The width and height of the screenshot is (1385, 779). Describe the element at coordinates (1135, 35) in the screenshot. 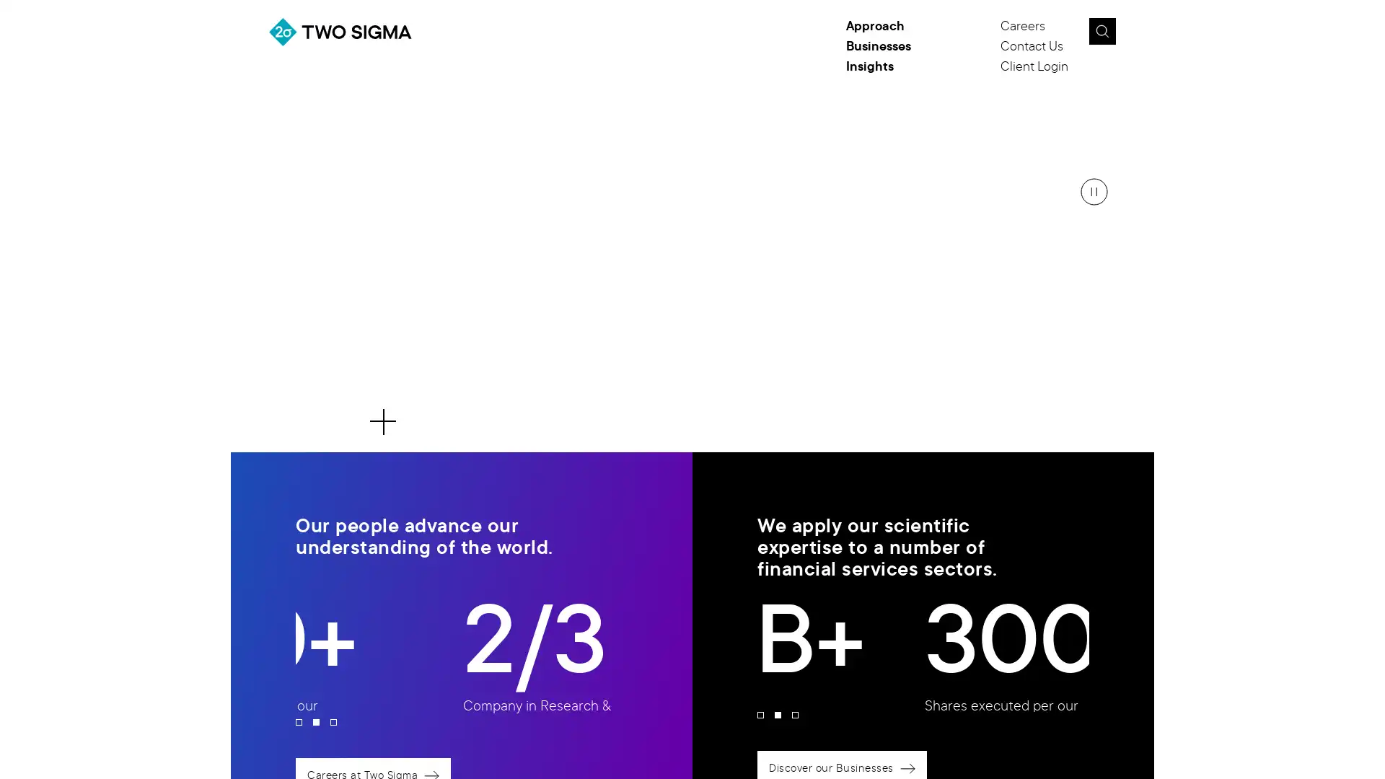

I see `Search` at that location.